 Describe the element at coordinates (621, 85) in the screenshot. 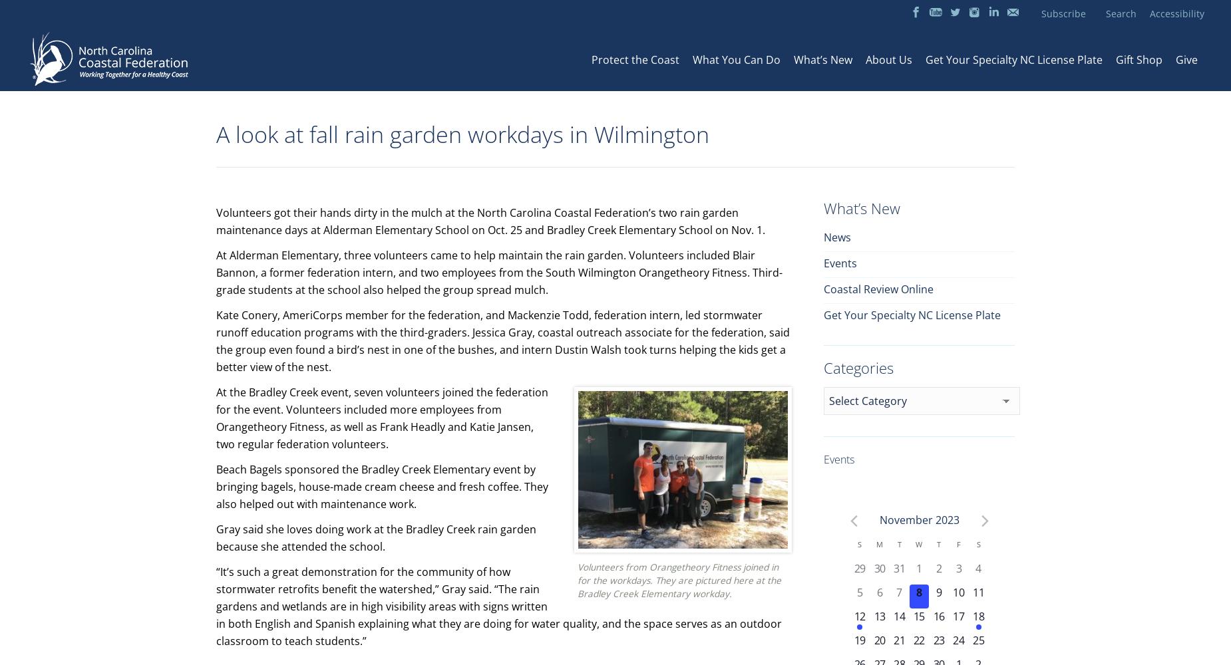

I see `'Our Goals'` at that location.